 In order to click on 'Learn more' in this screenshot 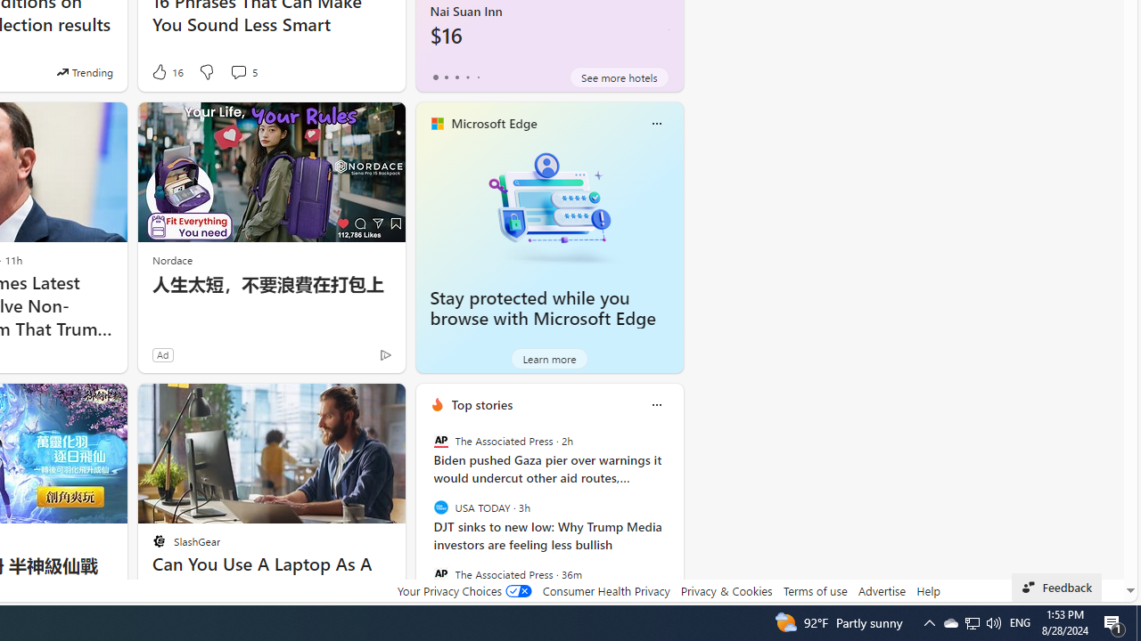, I will do `click(548, 358)`.